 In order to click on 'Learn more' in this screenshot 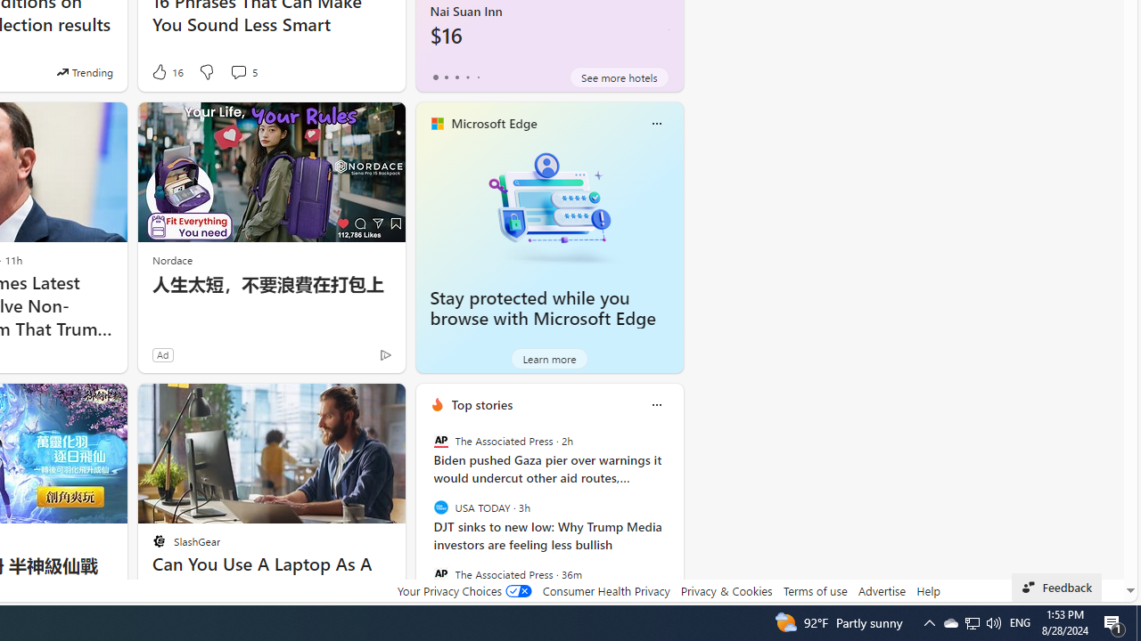, I will do `click(548, 358)`.